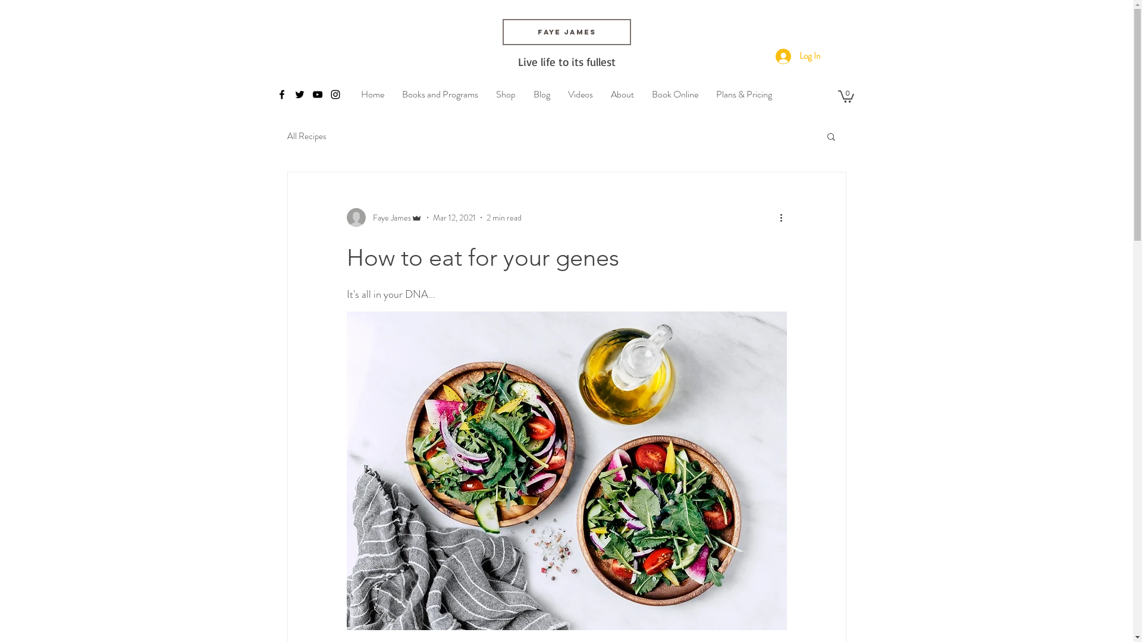 The image size is (1142, 642). What do you see at coordinates (565, 62) in the screenshot?
I see `'Live life to its fullest'` at bounding box center [565, 62].